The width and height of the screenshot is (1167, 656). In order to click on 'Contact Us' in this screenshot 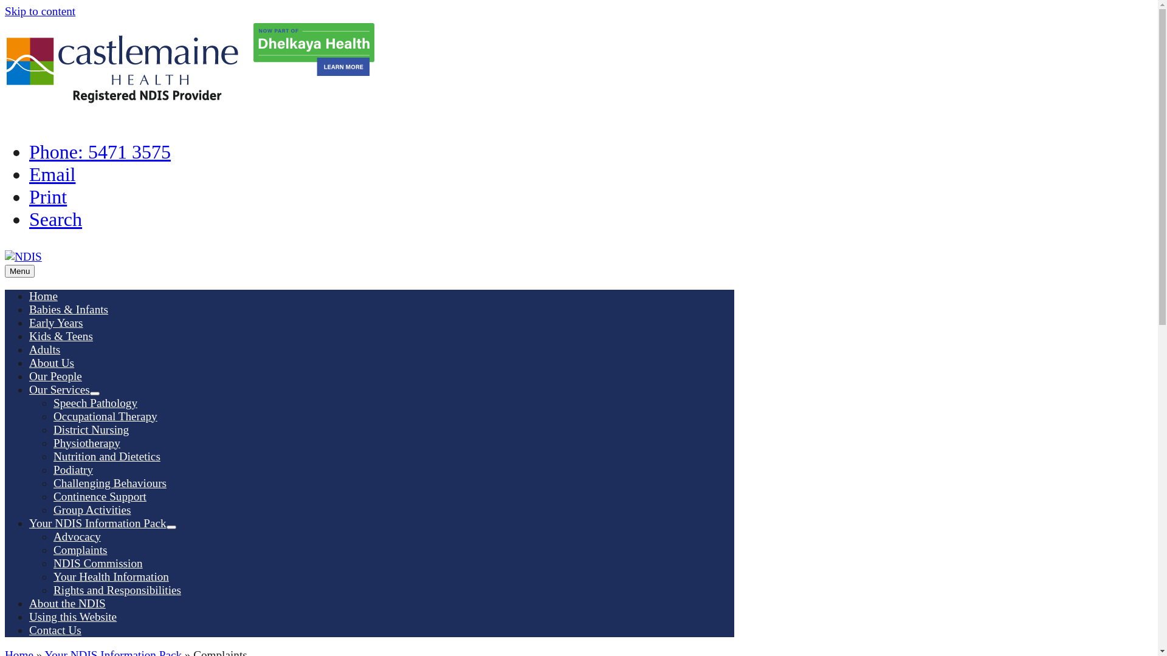, I will do `click(55, 629)`.